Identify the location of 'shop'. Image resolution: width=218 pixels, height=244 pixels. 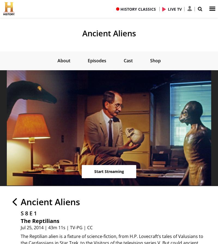
(155, 60).